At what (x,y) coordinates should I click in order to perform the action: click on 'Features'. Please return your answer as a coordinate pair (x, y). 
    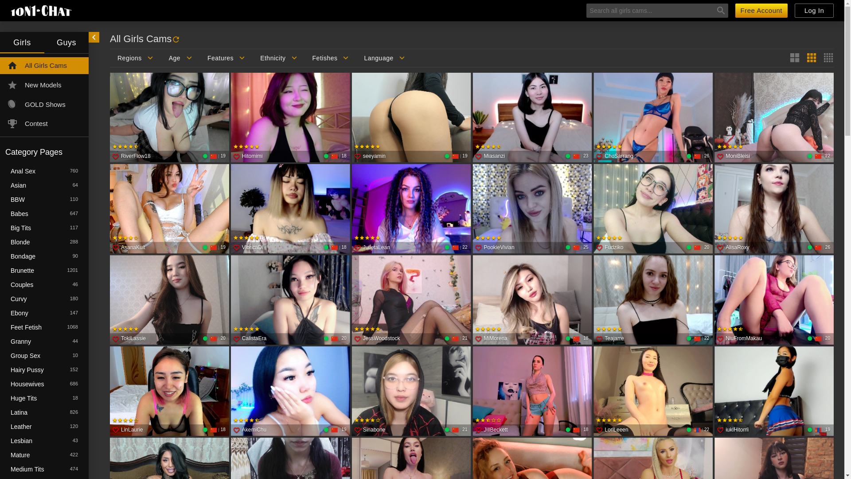
    Looking at the image, I should click on (199, 58).